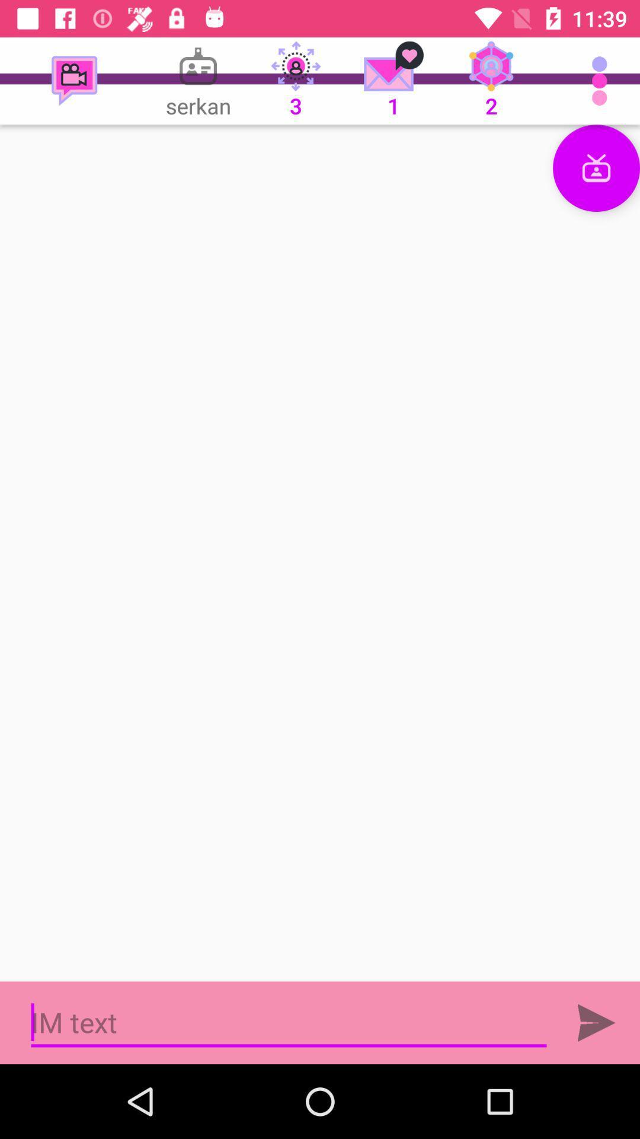 The width and height of the screenshot is (640, 1139). What do you see at coordinates (596, 1022) in the screenshot?
I see `next` at bounding box center [596, 1022].